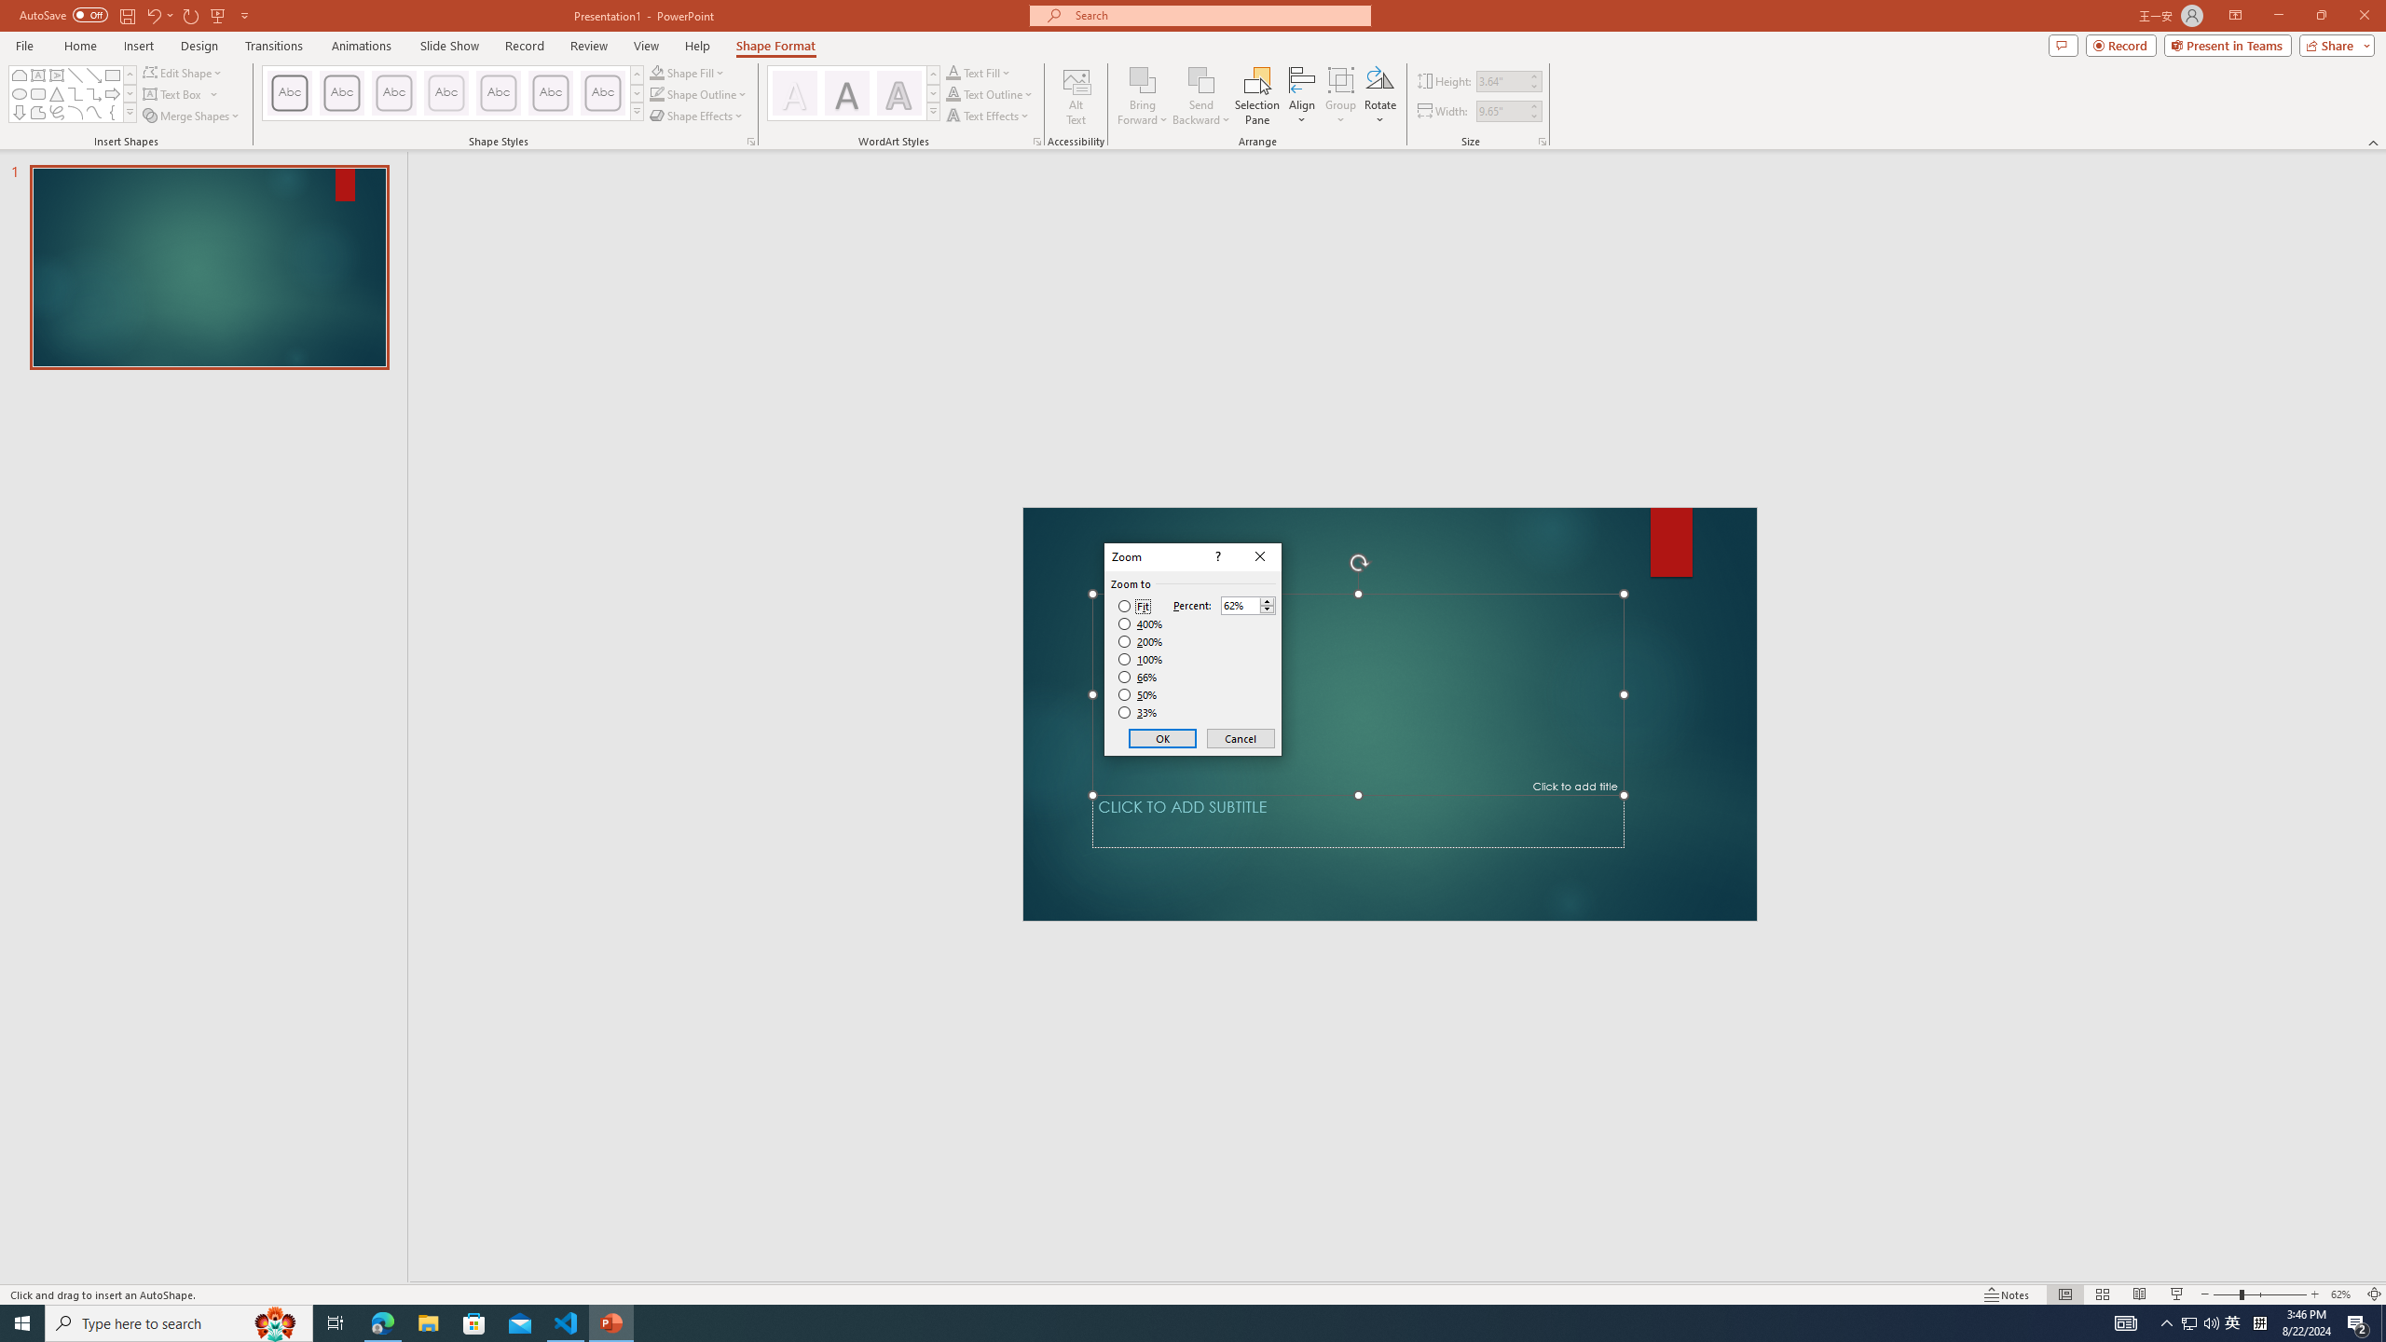 This screenshot has height=1342, width=2386. What do you see at coordinates (1543, 140) in the screenshot?
I see `'Size and Position...'` at bounding box center [1543, 140].